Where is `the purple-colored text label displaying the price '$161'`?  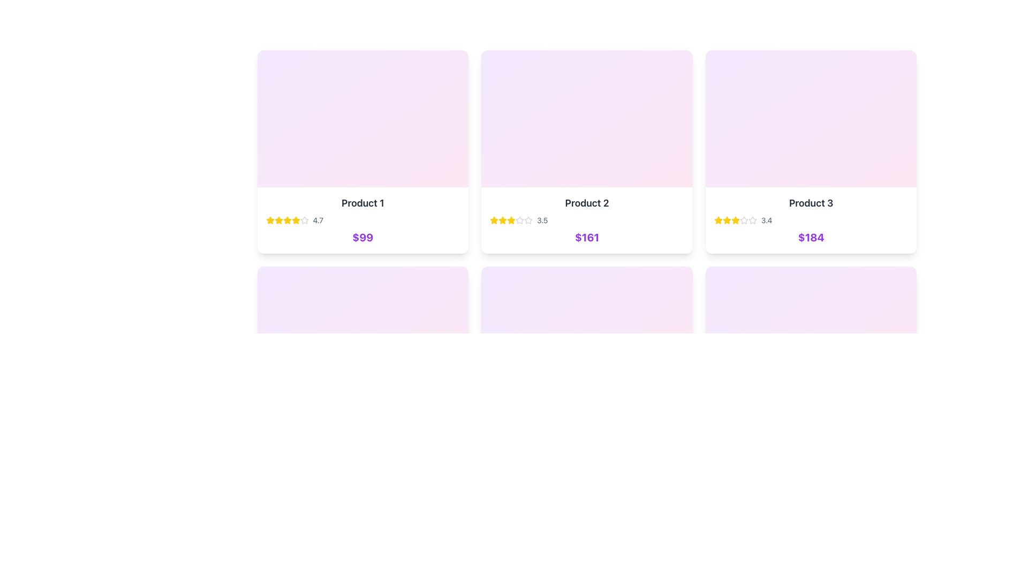
the purple-colored text label displaying the price '$161' is located at coordinates (586, 237).